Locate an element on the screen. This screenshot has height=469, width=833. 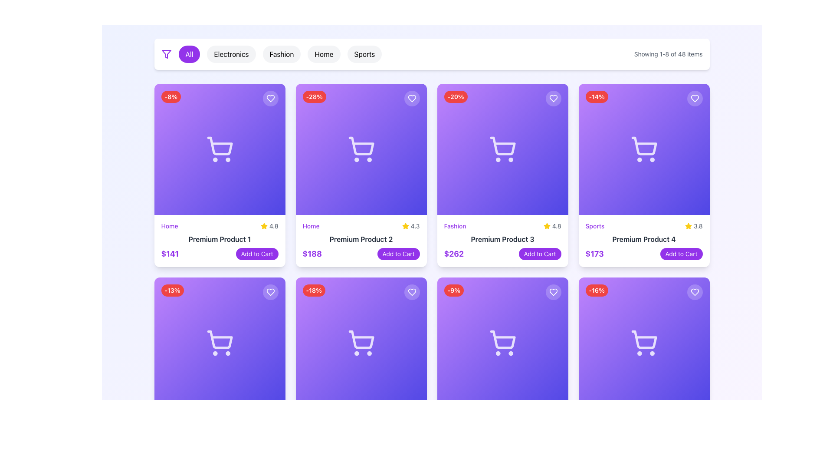
the bold purple text displaying the price '$262' located at the bottom-left corner of the 'Premium Product 3' card, immediately to the left of the 'Add to Cart' button is located at coordinates (453, 254).